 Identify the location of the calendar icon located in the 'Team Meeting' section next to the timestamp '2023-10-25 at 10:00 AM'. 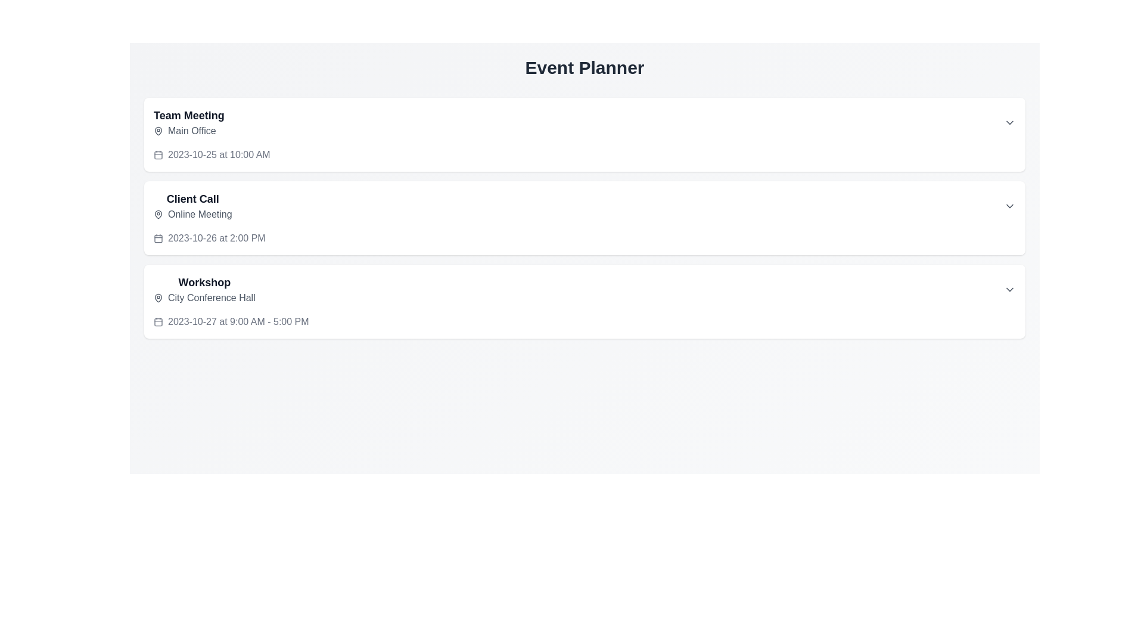
(157, 154).